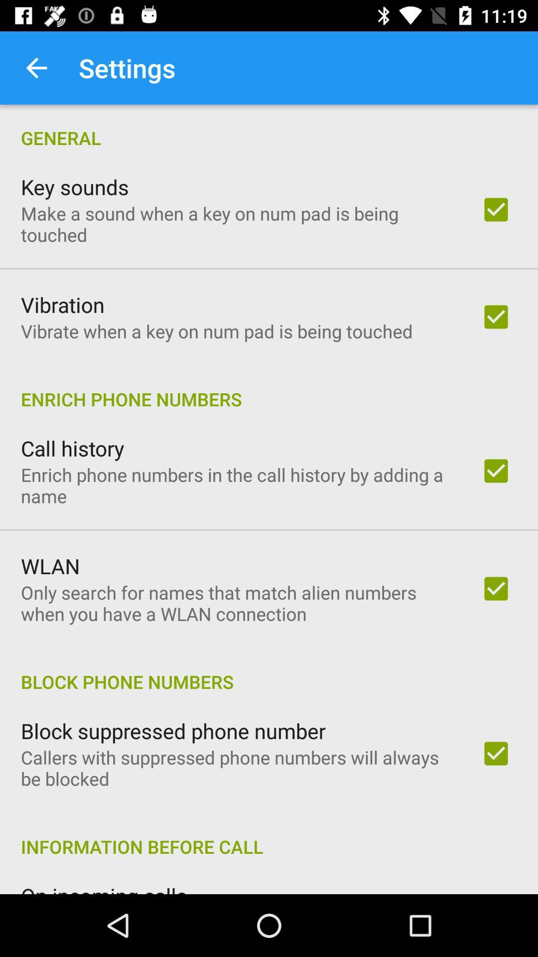 This screenshot has height=957, width=538. I want to click on icon above vibration icon, so click(238, 223).